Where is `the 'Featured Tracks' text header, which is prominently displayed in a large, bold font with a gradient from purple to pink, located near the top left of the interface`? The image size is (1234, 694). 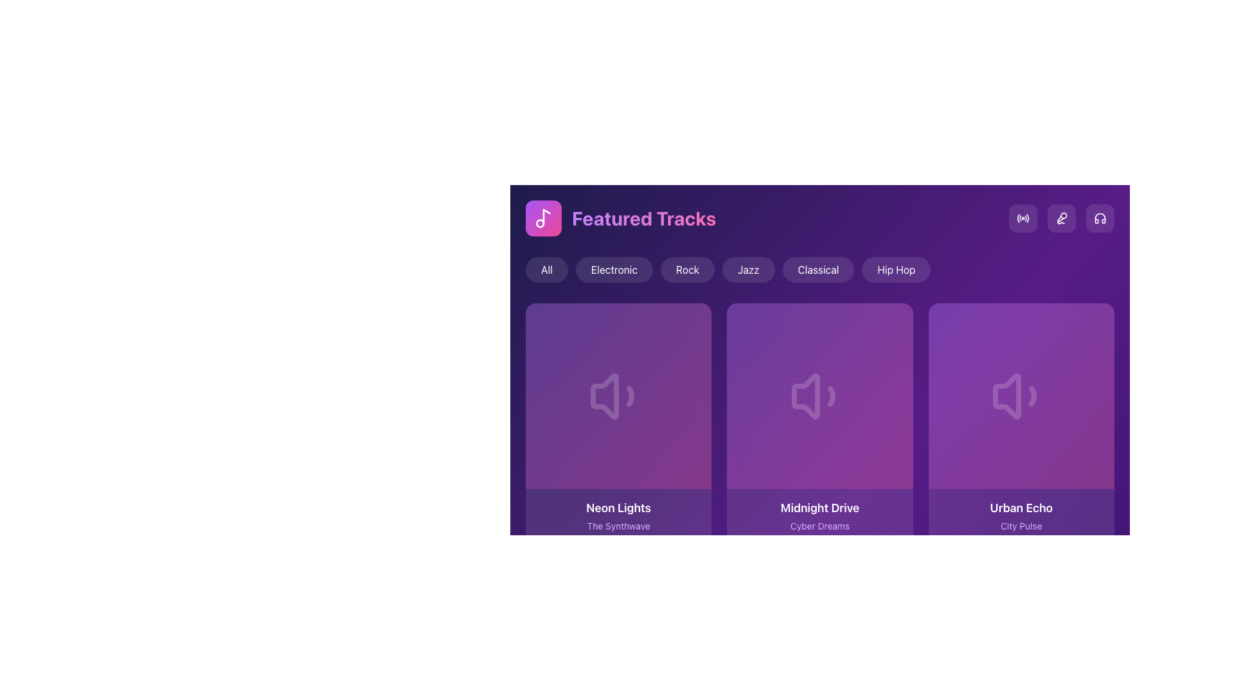
the 'Featured Tracks' text header, which is prominently displayed in a large, bold font with a gradient from purple to pink, located near the top left of the interface is located at coordinates (644, 217).